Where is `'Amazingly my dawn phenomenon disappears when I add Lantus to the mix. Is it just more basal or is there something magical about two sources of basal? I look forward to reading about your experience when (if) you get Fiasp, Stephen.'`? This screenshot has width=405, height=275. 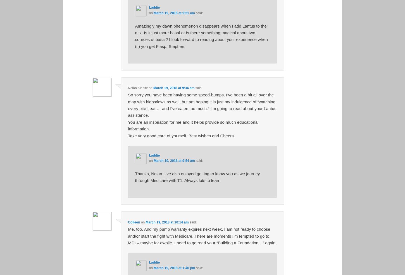
'Amazingly my dawn phenomenon disappears when I add Lantus to the mix. Is it just more basal or is there something magical about two sources of basal? I look forward to reading about your experience when (if) you get Fiasp, Stephen.' is located at coordinates (201, 36).